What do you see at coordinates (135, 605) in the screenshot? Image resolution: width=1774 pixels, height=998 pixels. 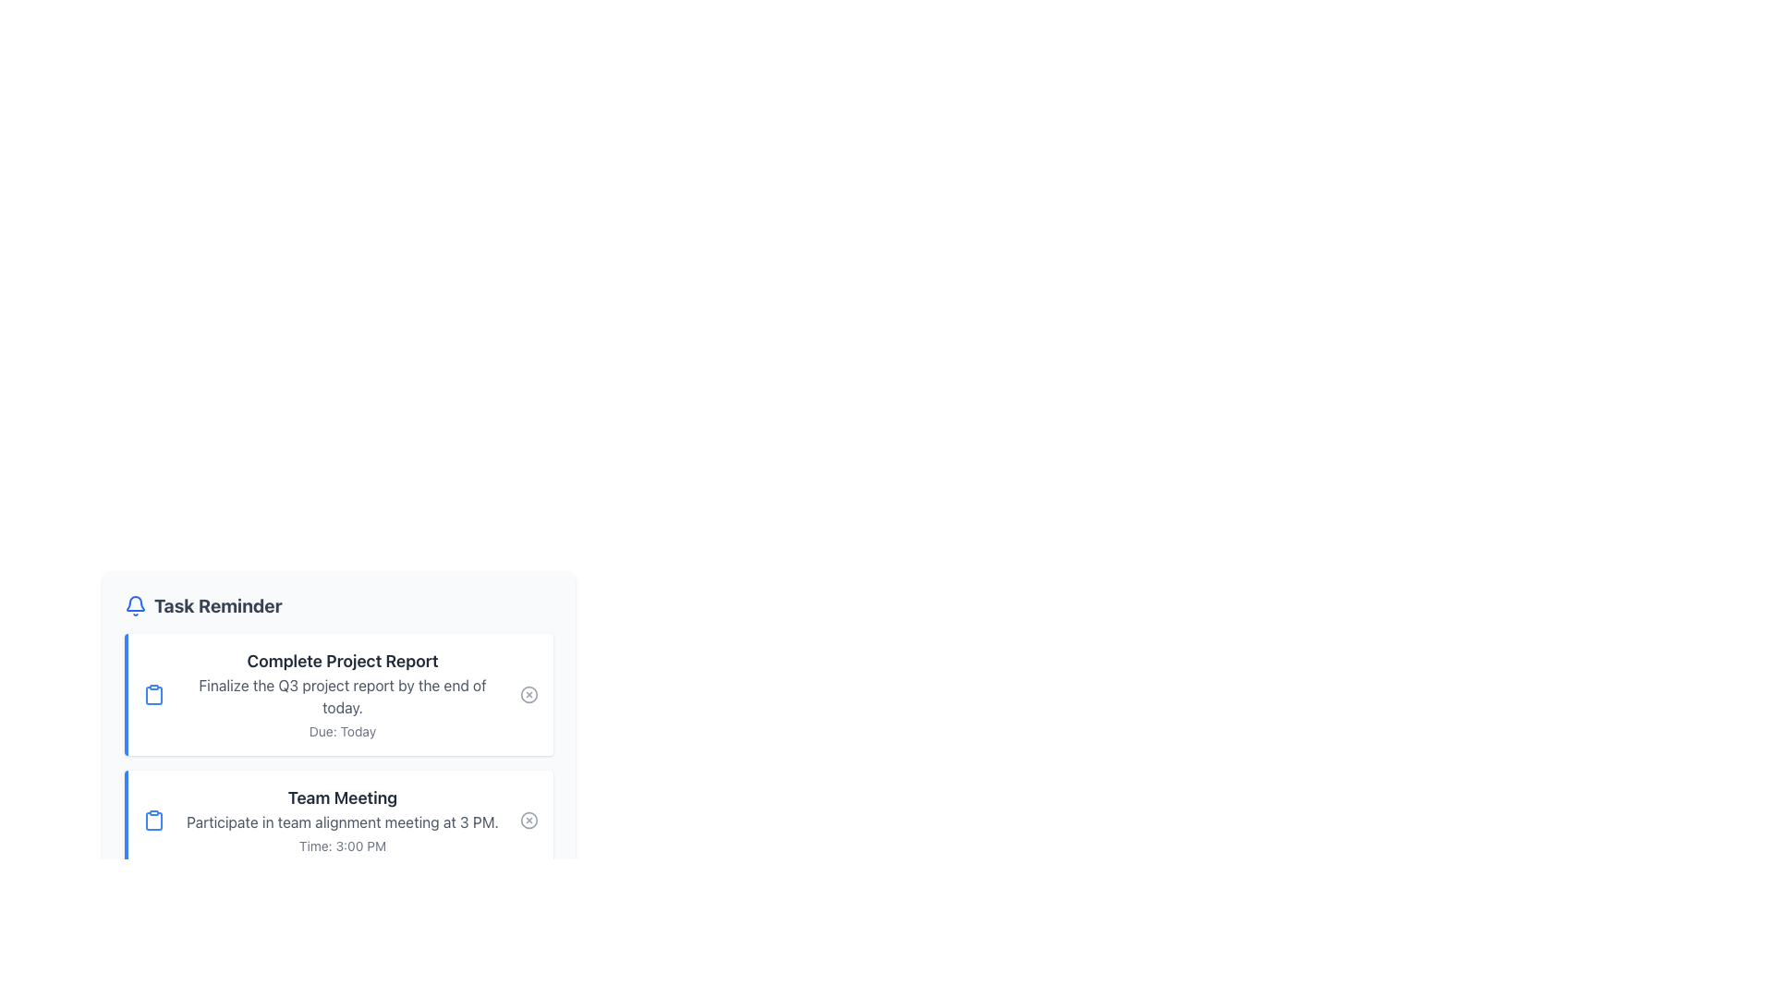 I see `the bell icon with a blue outline located next to the text 'Task Reminder'` at bounding box center [135, 605].